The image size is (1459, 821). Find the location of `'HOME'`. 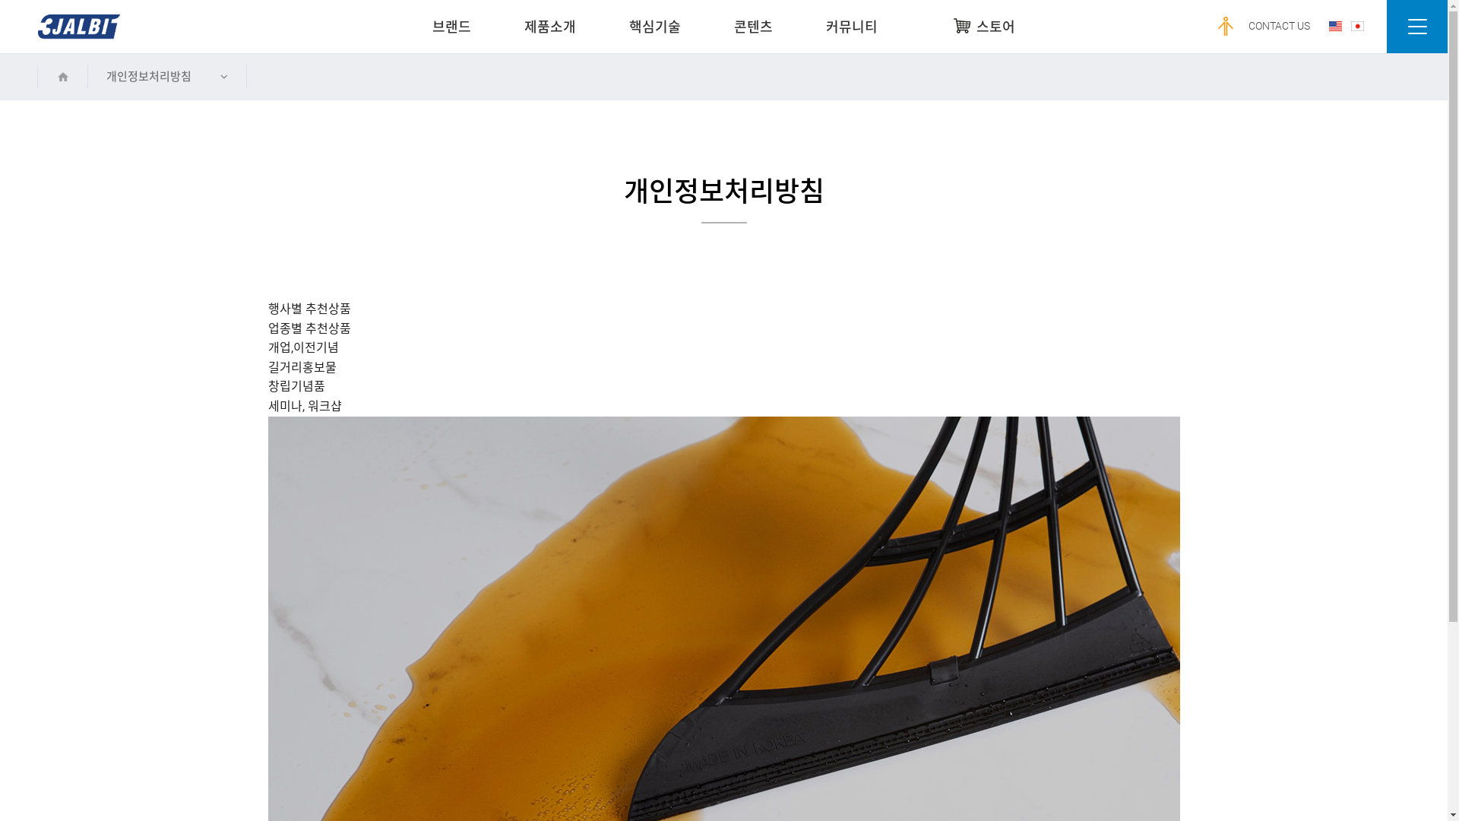

'HOME' is located at coordinates (62, 76).